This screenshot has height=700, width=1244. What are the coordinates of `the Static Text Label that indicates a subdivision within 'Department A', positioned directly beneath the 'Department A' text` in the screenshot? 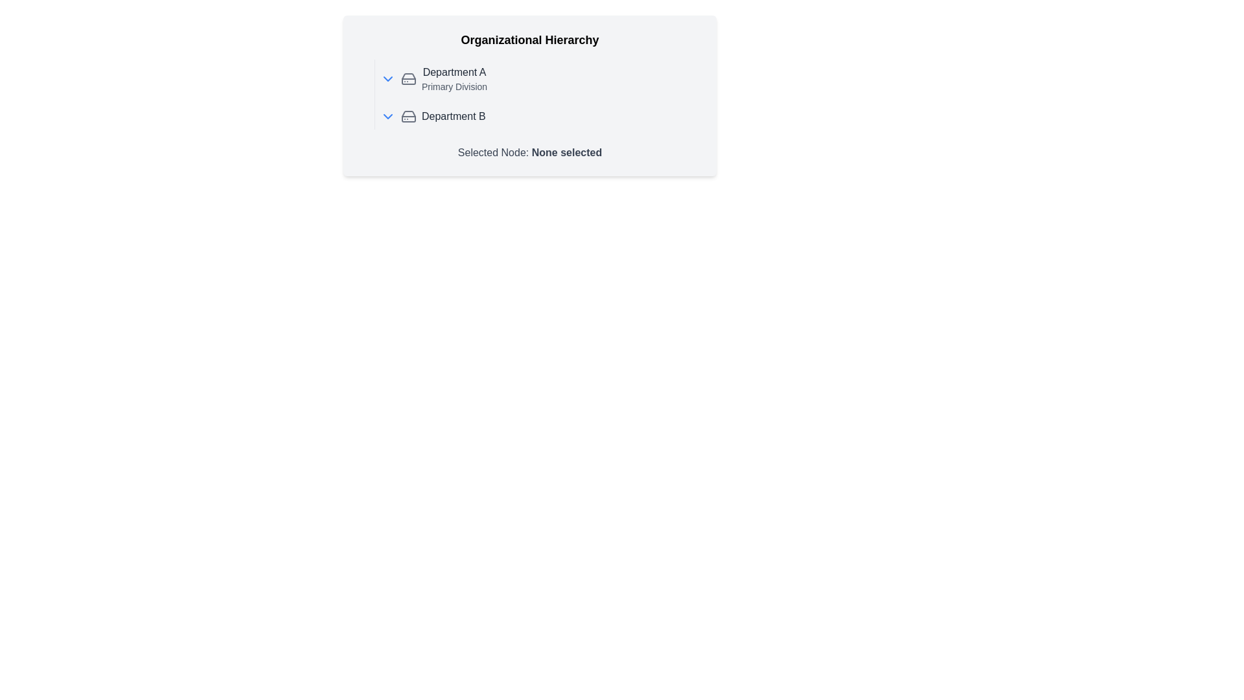 It's located at (454, 87).